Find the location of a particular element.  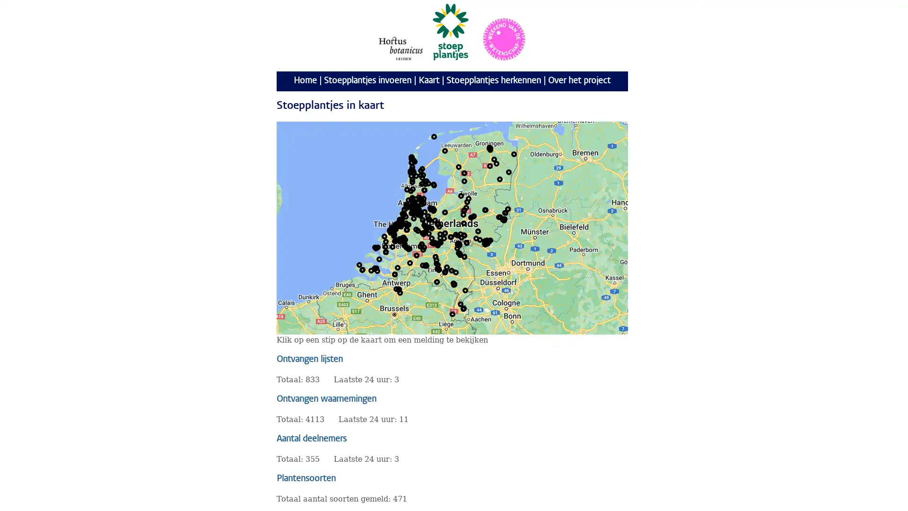

Telling van Rinus op 04 februari 2022 is located at coordinates (422, 249).